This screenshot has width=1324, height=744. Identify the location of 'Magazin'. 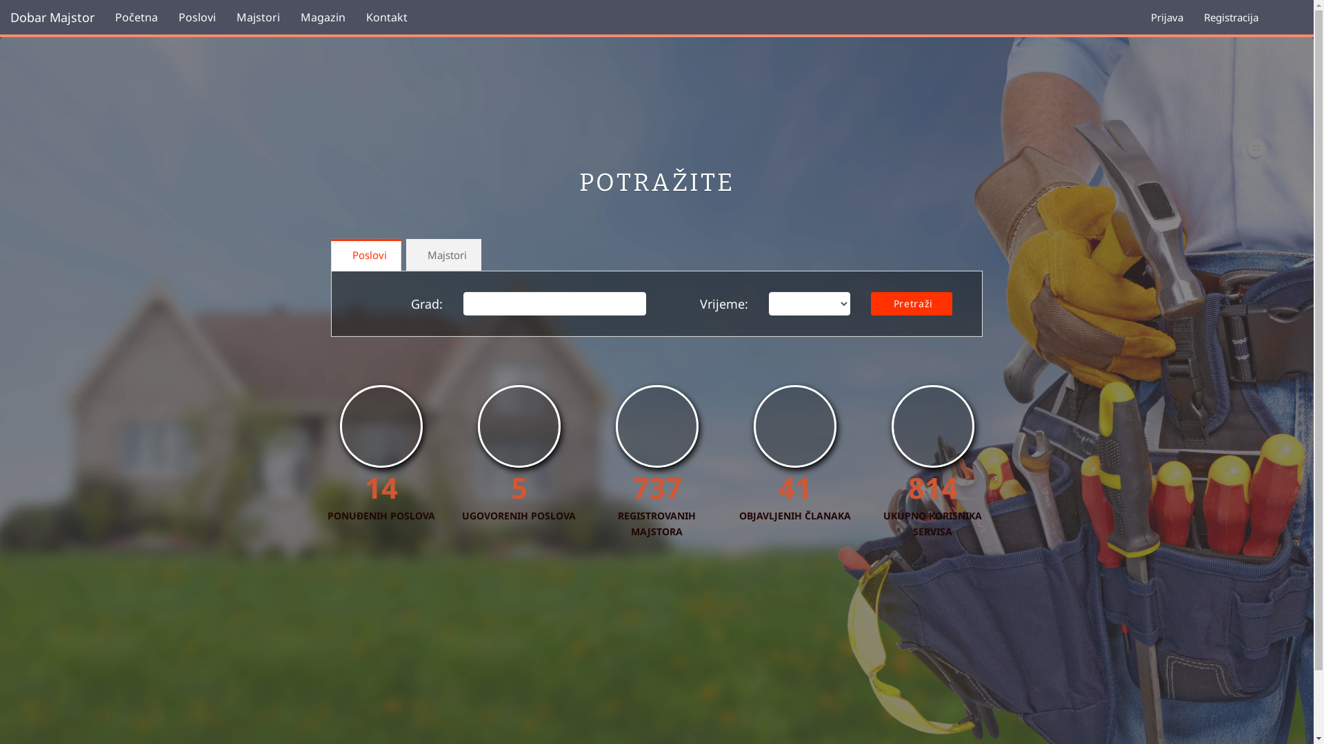
(290, 17).